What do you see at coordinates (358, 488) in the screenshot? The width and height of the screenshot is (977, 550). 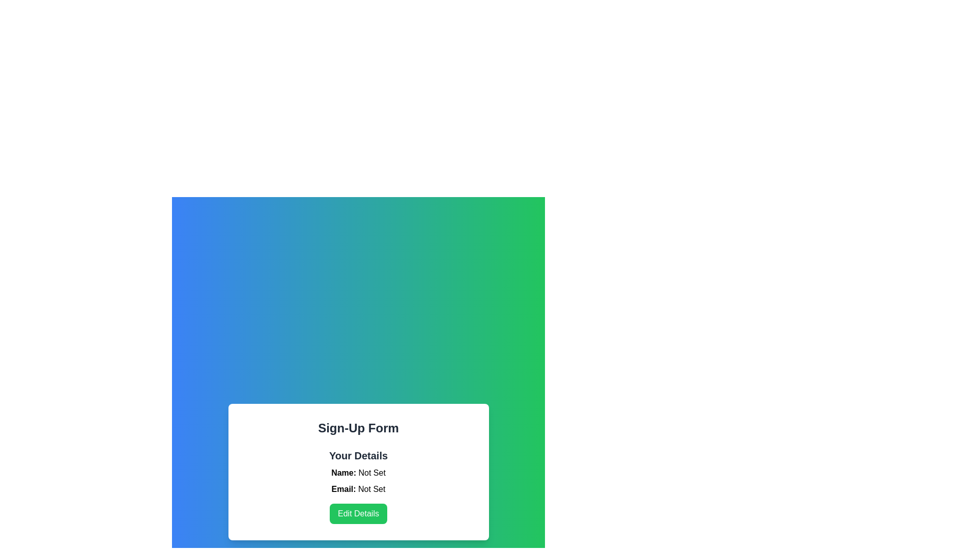 I see `the email status text label that displays 'Not Set' in the 'Your Details' section, positioned between 'Name: Not Set' and the 'Edit Details' button` at bounding box center [358, 488].